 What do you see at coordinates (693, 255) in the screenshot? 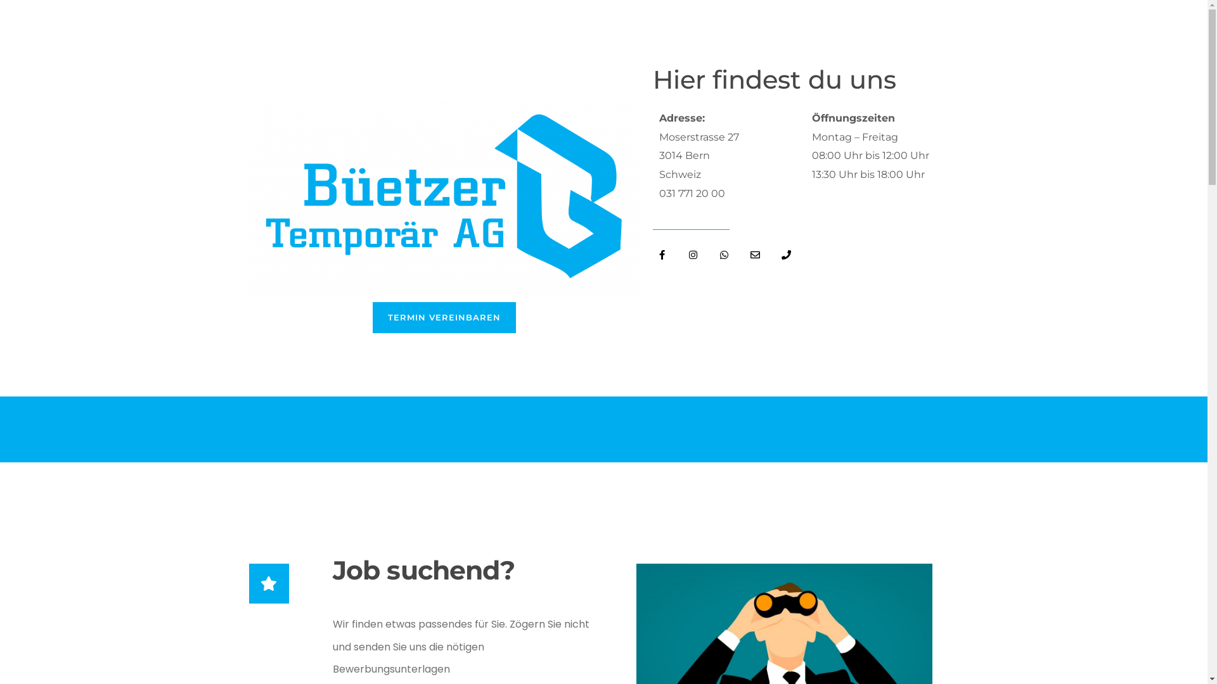
I see `'Instagram'` at bounding box center [693, 255].